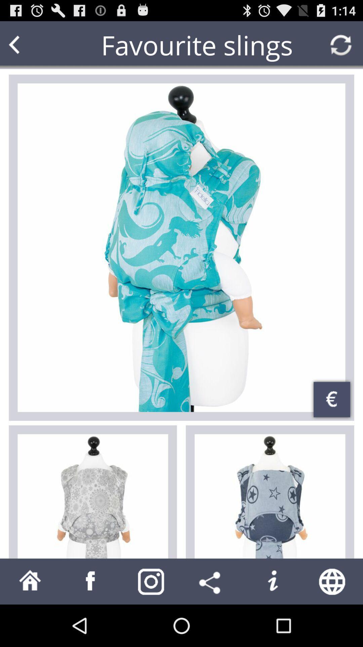  Describe the element at coordinates (211, 581) in the screenshot. I see `share the article` at that location.